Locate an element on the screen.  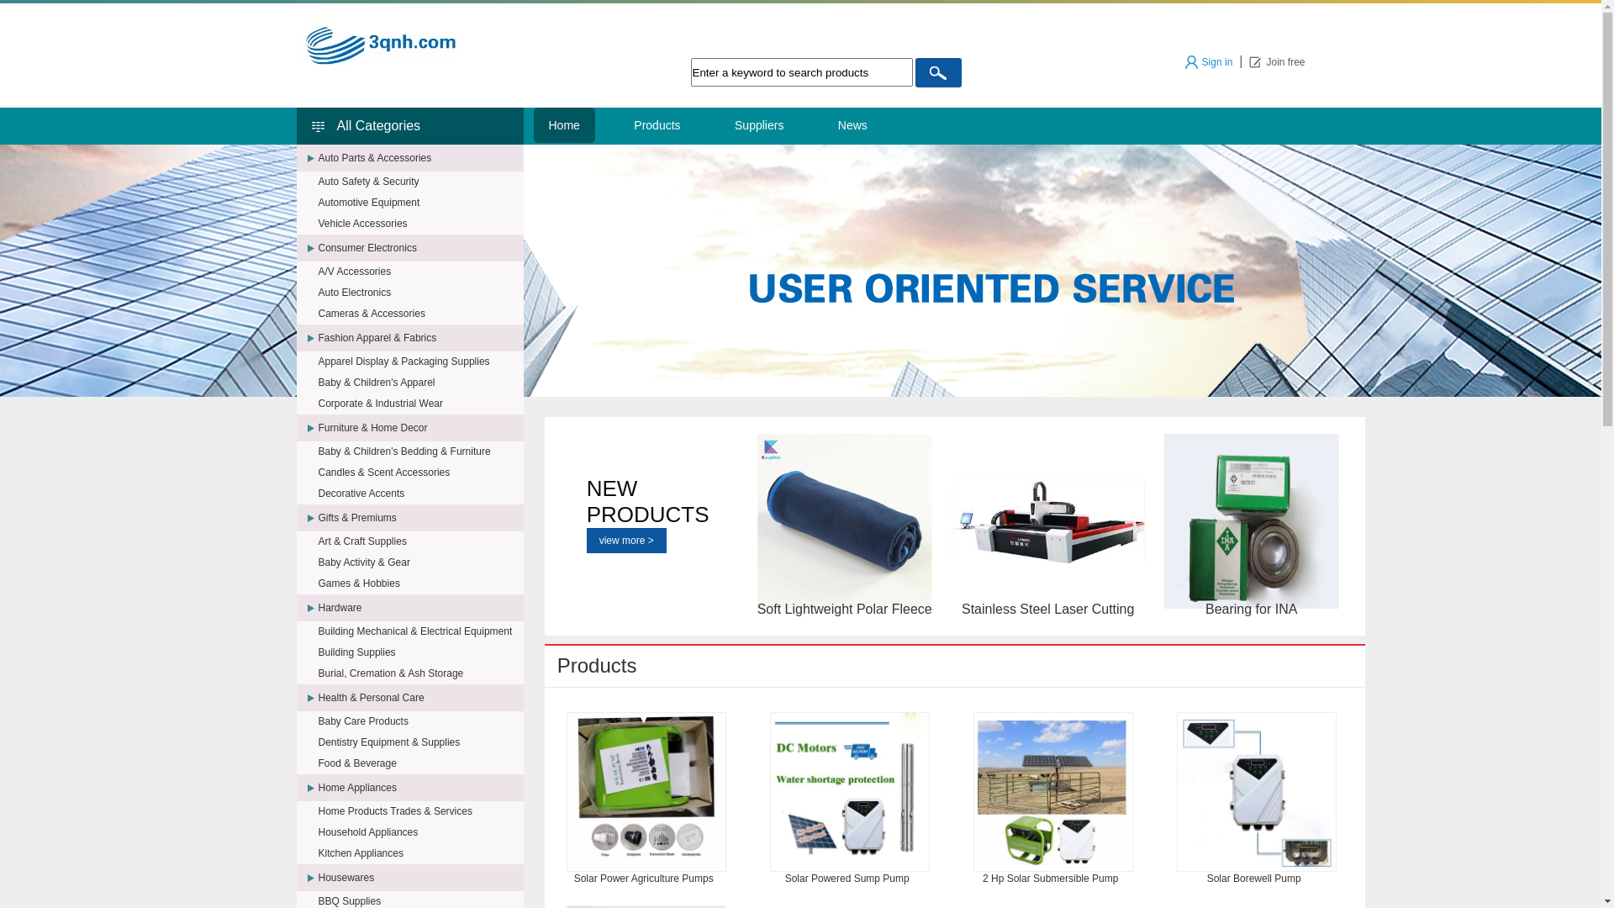
'Candles & Scent Accessories' is located at coordinates (318, 472).